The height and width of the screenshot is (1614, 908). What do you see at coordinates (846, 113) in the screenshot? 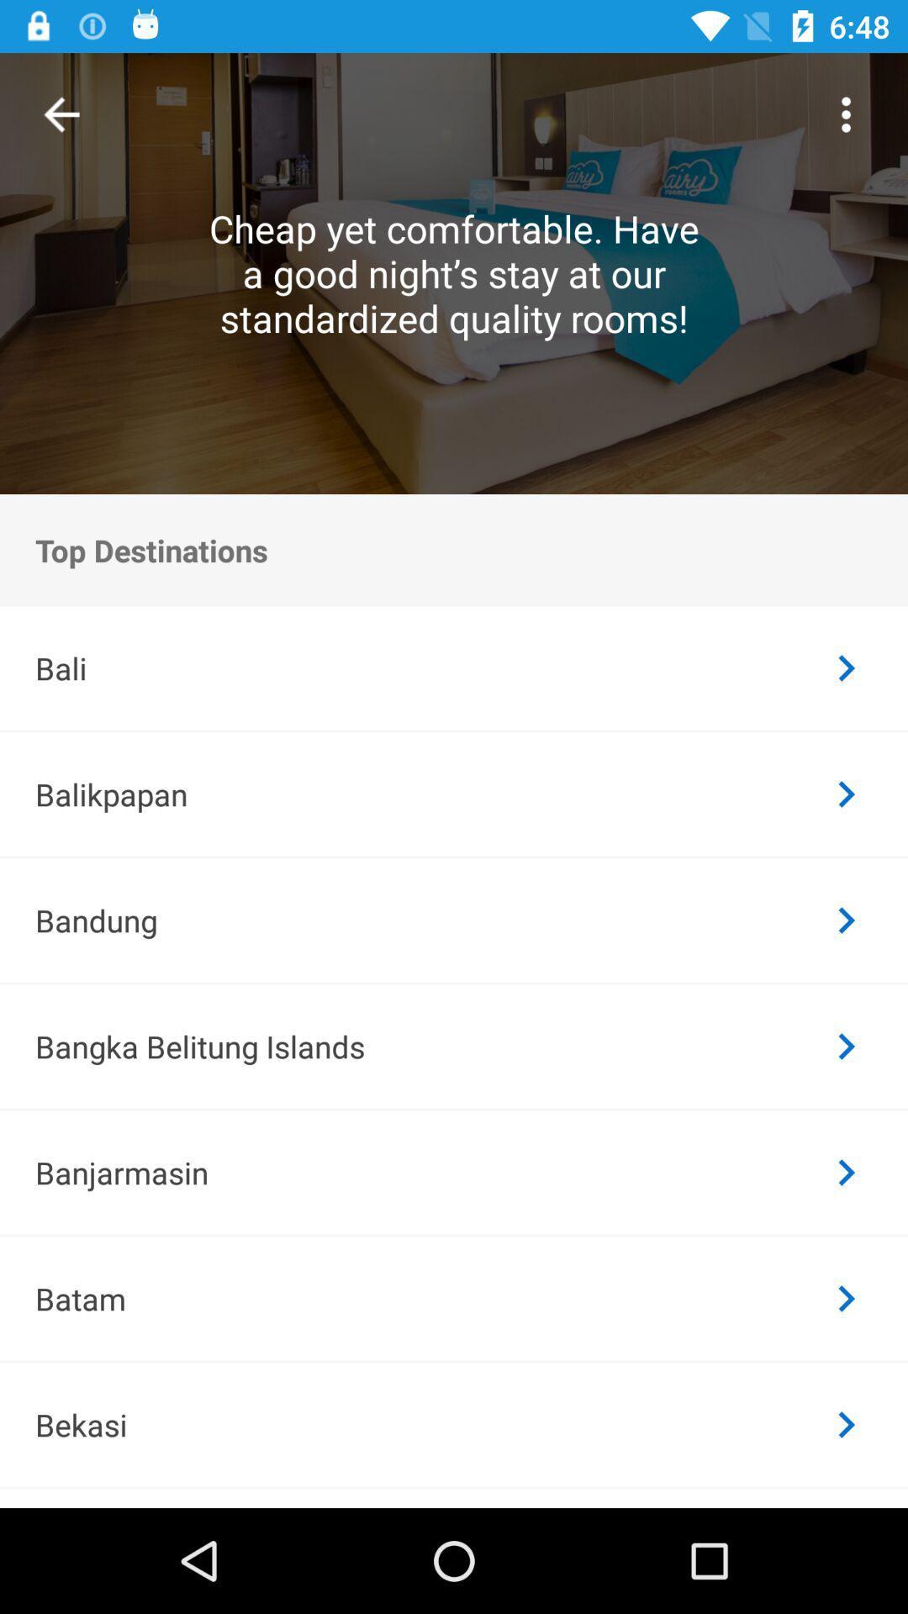
I see `item next to the cheap yet comfortable` at bounding box center [846, 113].